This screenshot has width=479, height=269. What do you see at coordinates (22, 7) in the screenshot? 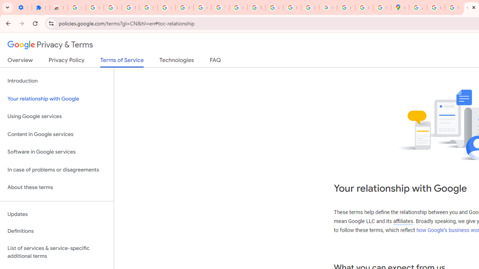
I see `'Settings - On startup'` at bounding box center [22, 7].